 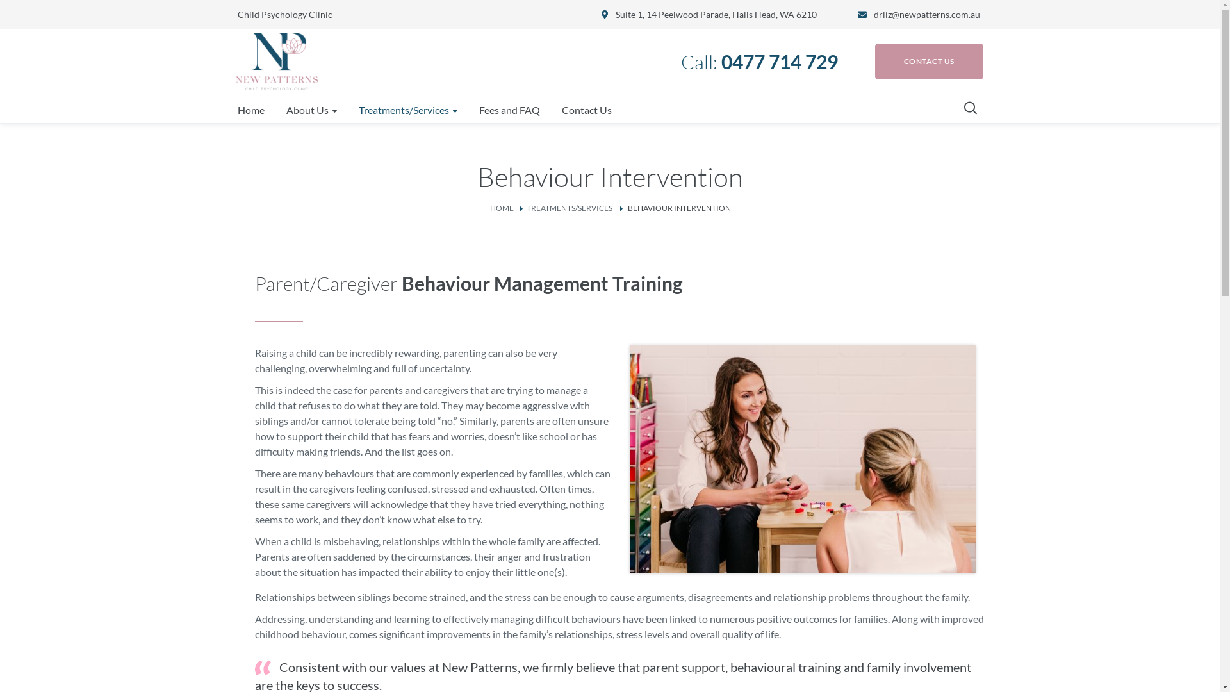 I want to click on 'About Us', so click(x=277, y=110).